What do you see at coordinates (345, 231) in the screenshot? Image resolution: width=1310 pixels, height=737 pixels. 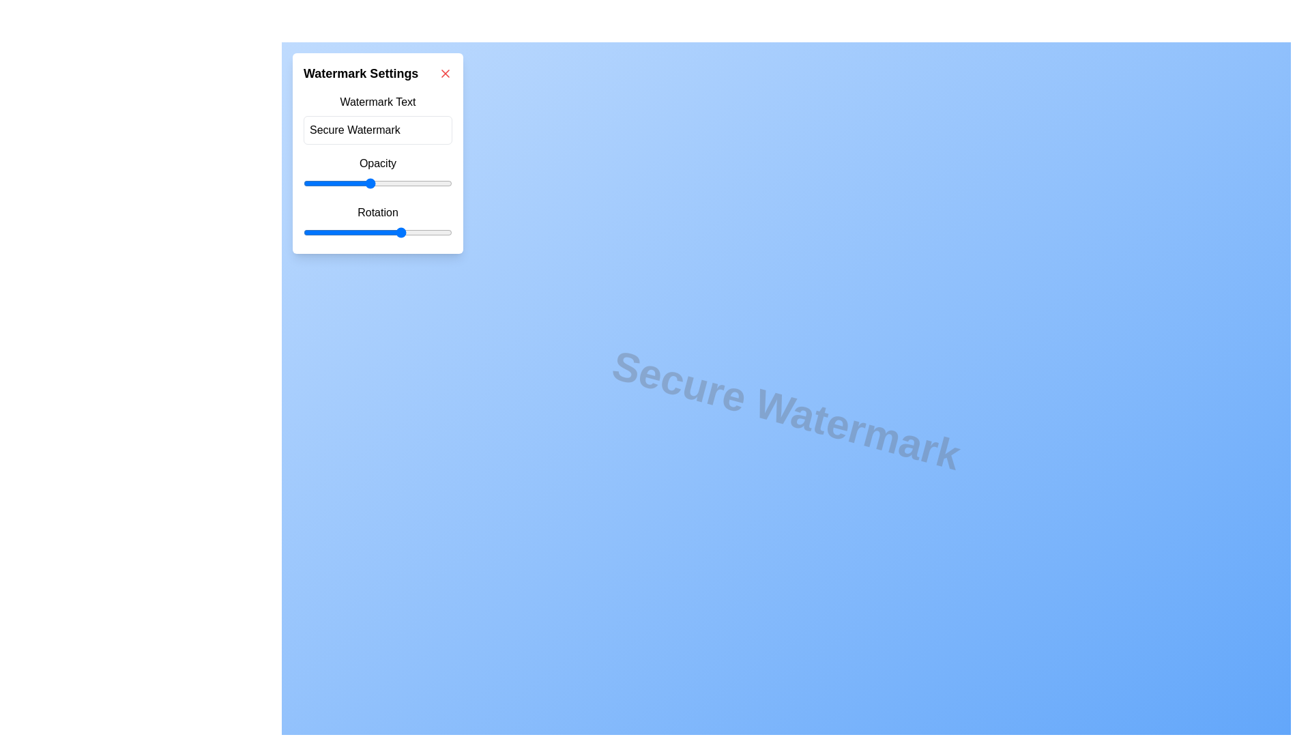 I see `the rotation value` at bounding box center [345, 231].